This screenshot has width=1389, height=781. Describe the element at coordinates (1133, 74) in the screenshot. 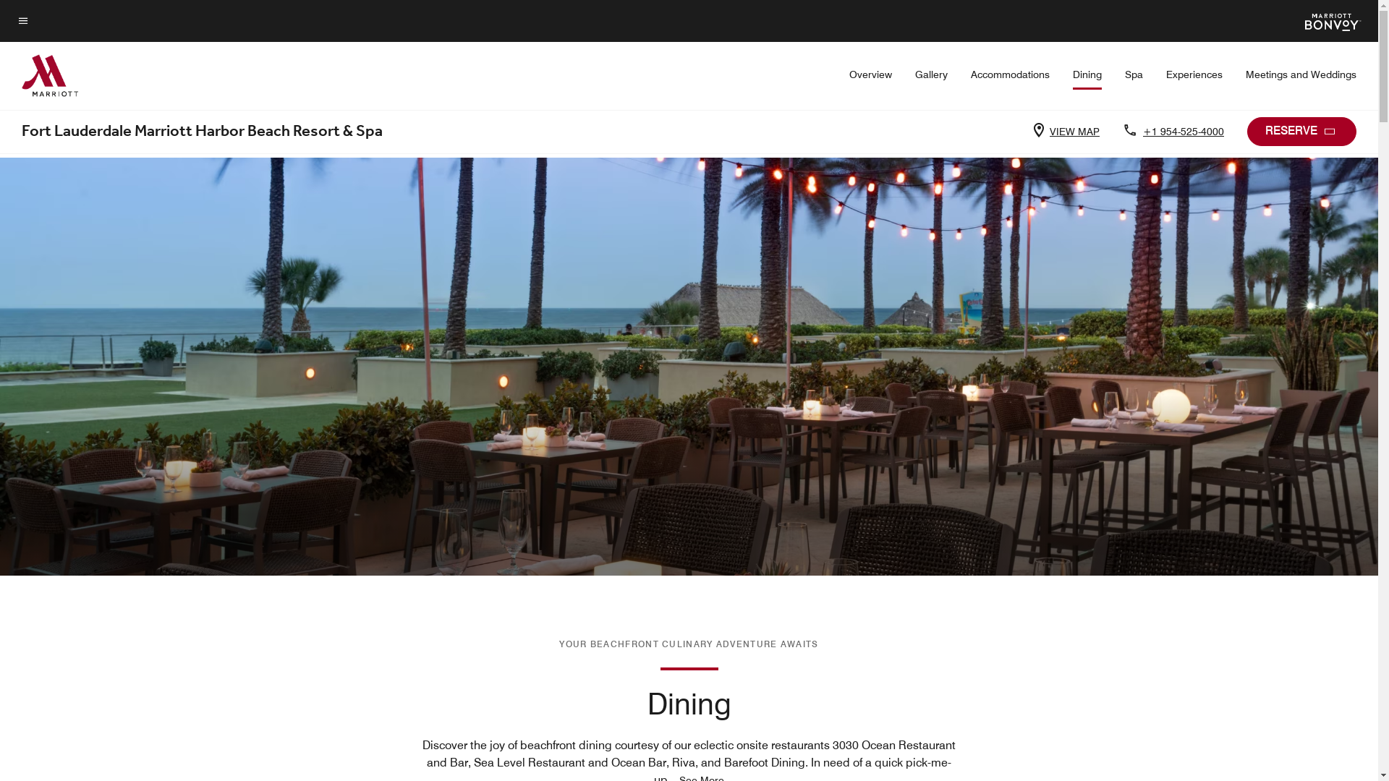

I see `'Spa'` at that location.